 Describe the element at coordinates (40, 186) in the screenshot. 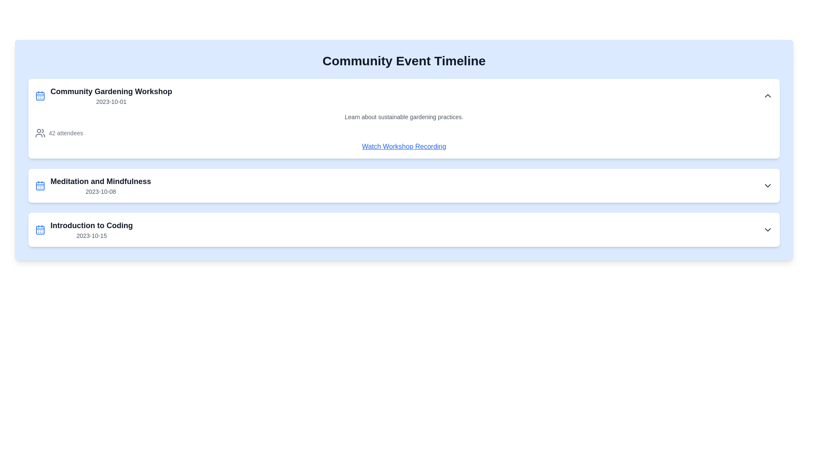

I see `the graphical decorative element within the calendar icon located at the upper left side of the list item` at that location.